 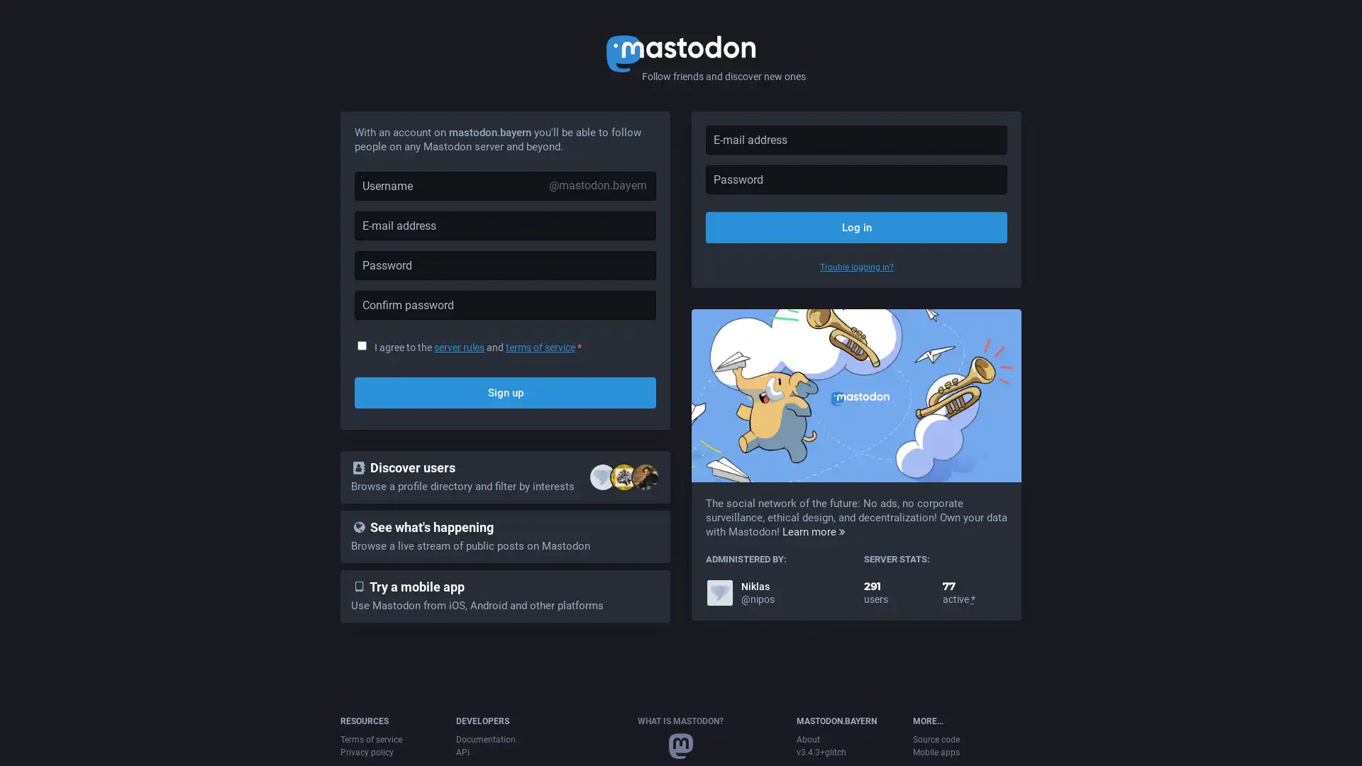 I want to click on Log in, so click(x=856, y=226).